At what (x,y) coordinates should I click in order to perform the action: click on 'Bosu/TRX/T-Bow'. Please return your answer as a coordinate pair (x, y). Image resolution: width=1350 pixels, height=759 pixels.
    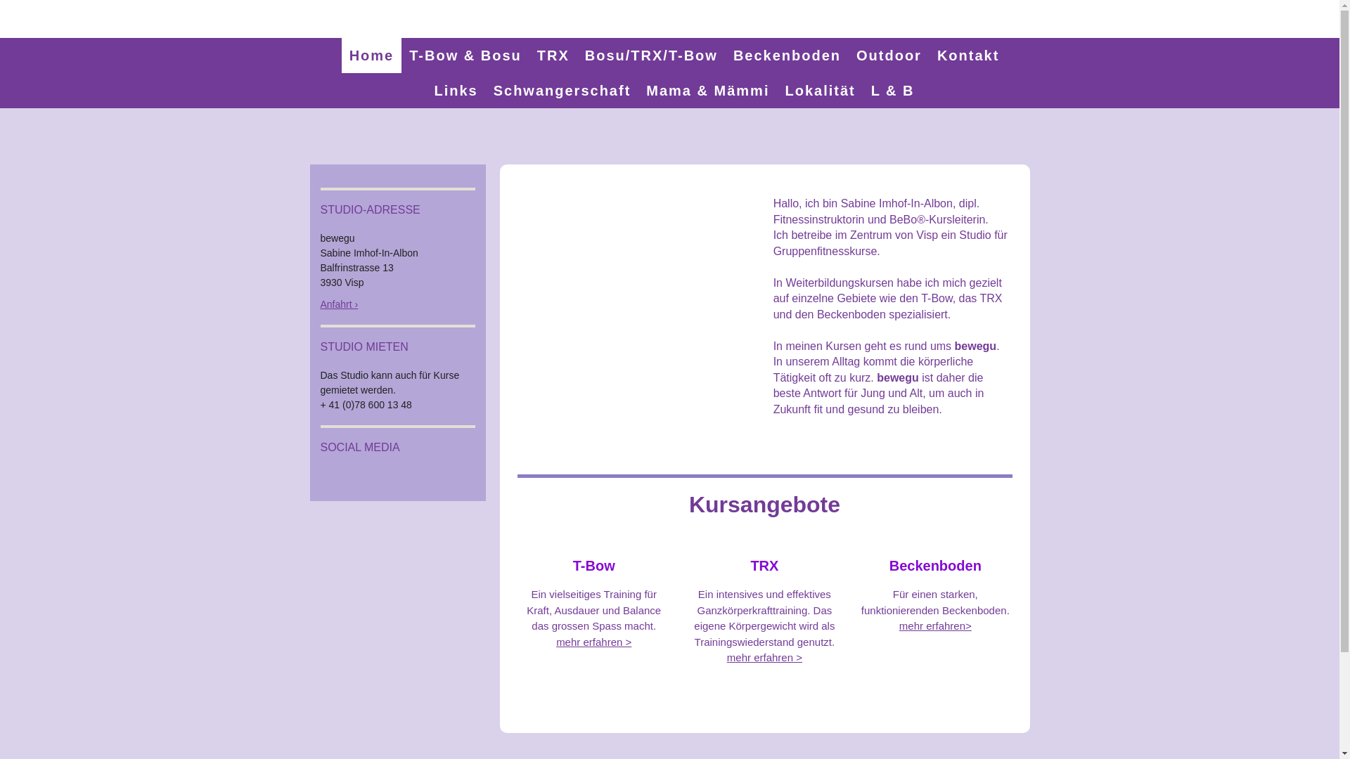
    Looking at the image, I should click on (577, 54).